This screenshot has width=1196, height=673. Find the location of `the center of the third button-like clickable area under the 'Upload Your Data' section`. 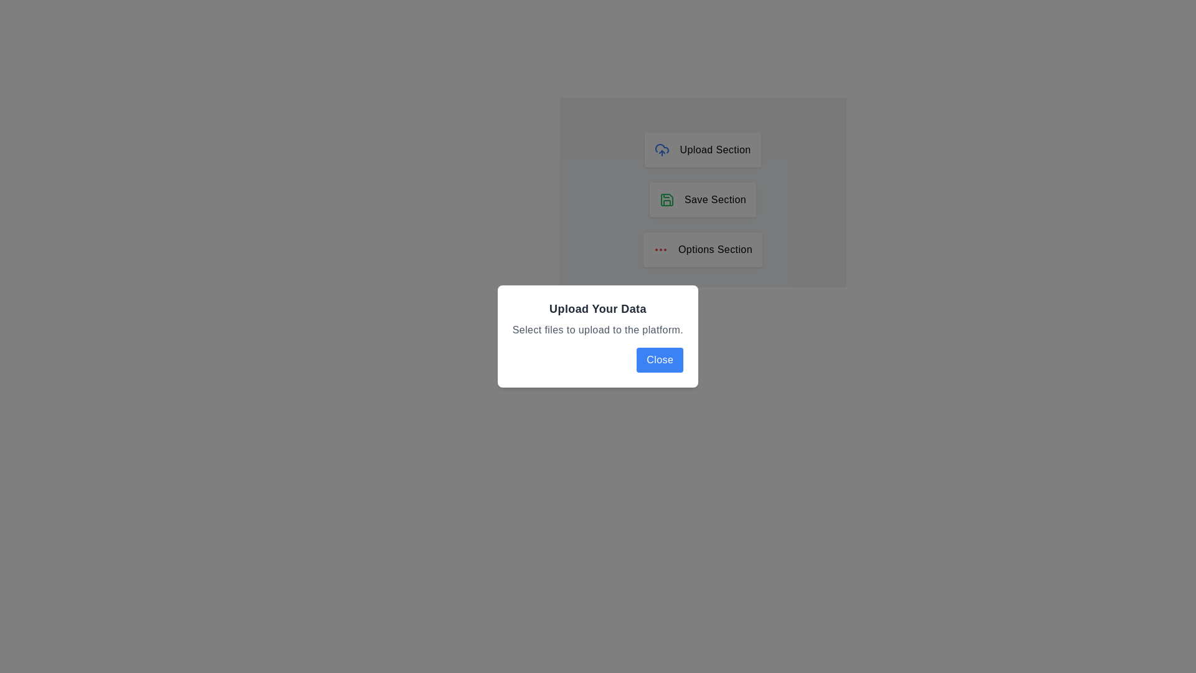

the center of the third button-like clickable area under the 'Upload Your Data' section is located at coordinates (703, 250).